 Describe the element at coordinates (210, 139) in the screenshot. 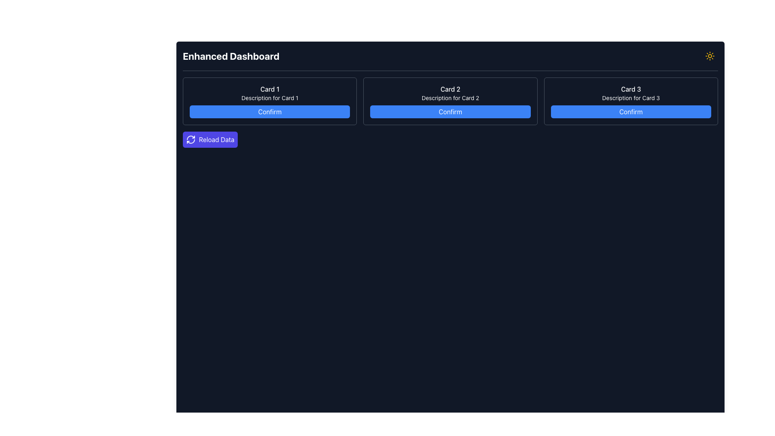

I see `the button with a purple background and white text reading 'Reload Data', which is located at the bottom-left corner of a section containing three cards, to reload data` at that location.